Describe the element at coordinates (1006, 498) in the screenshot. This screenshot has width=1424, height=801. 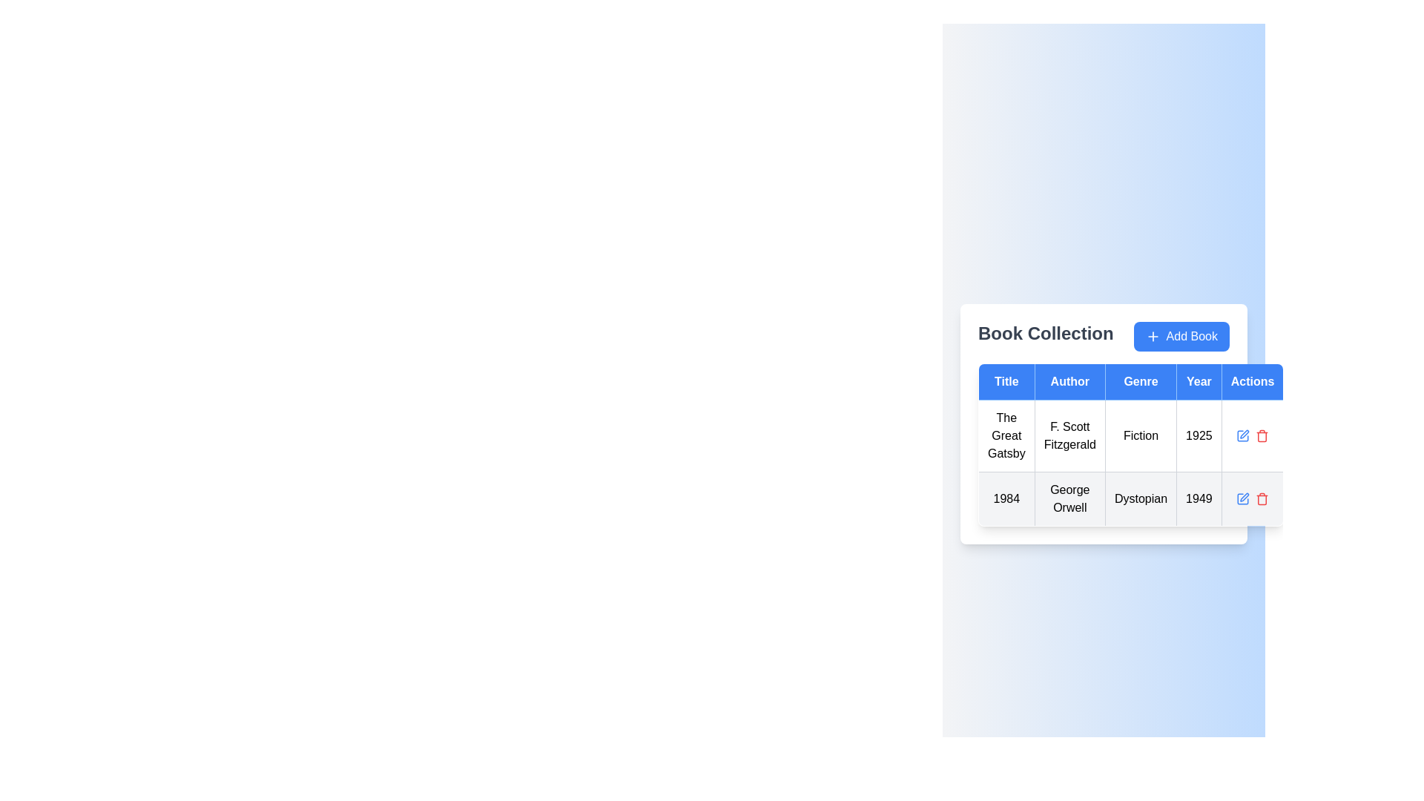
I see `the static table cell displaying the text '1984', which is the first visible cell in the second row of the table under the 'Title' column` at that location.